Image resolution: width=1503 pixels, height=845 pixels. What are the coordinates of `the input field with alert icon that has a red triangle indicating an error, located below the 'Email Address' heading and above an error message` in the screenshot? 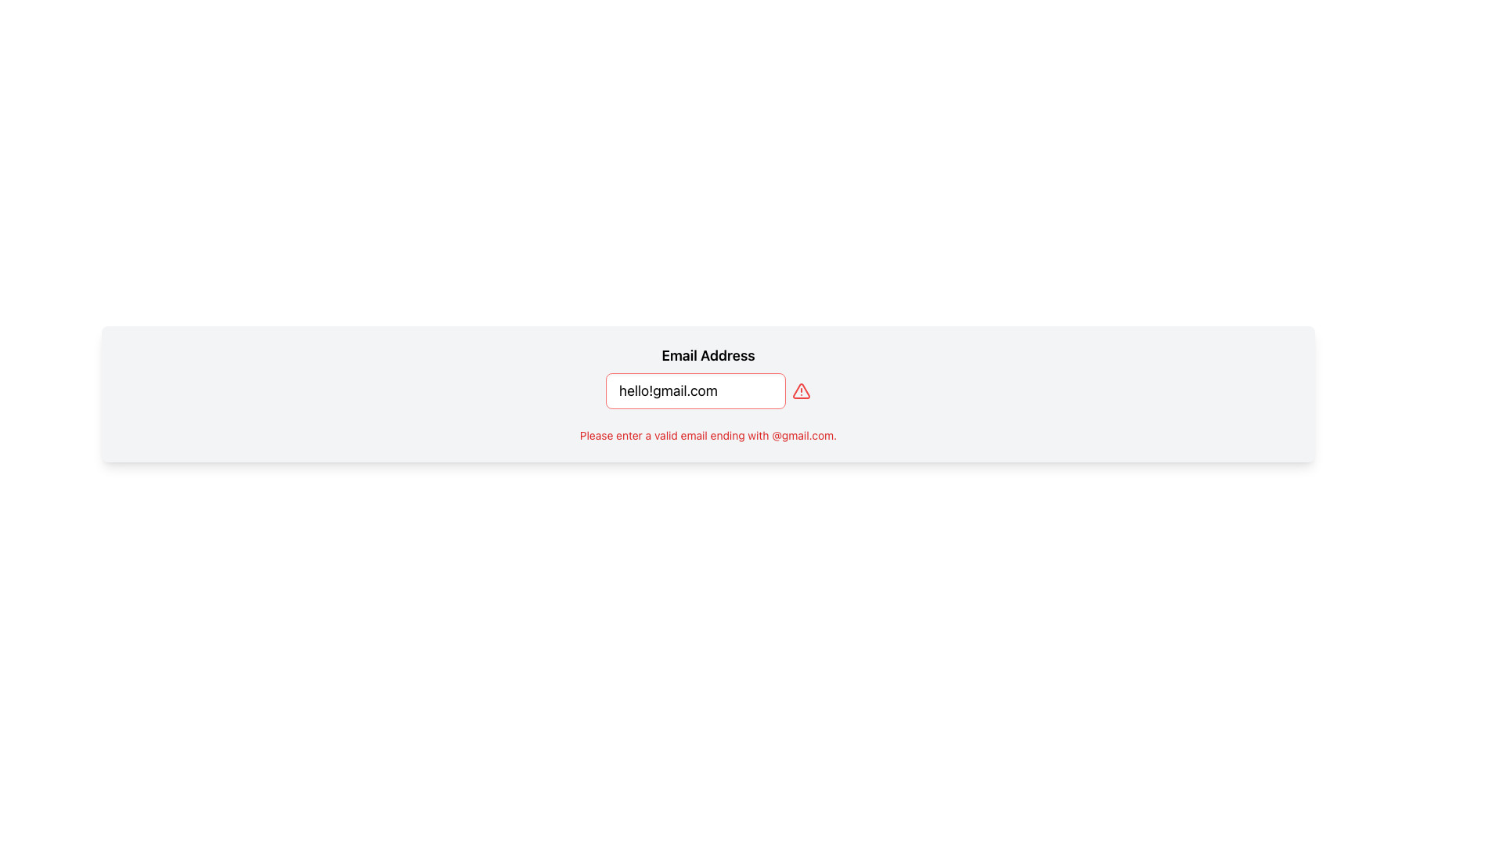 It's located at (708, 390).